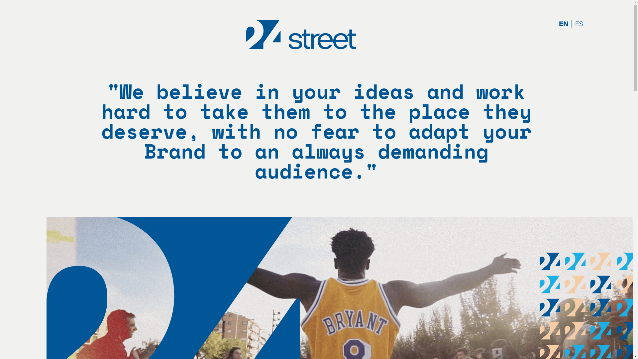  Describe the element at coordinates (572, 24) in the screenshot. I see `'ES'` at that location.